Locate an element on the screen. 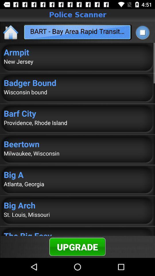 The height and width of the screenshot is (276, 155). the app below the big a app is located at coordinates (77, 183).